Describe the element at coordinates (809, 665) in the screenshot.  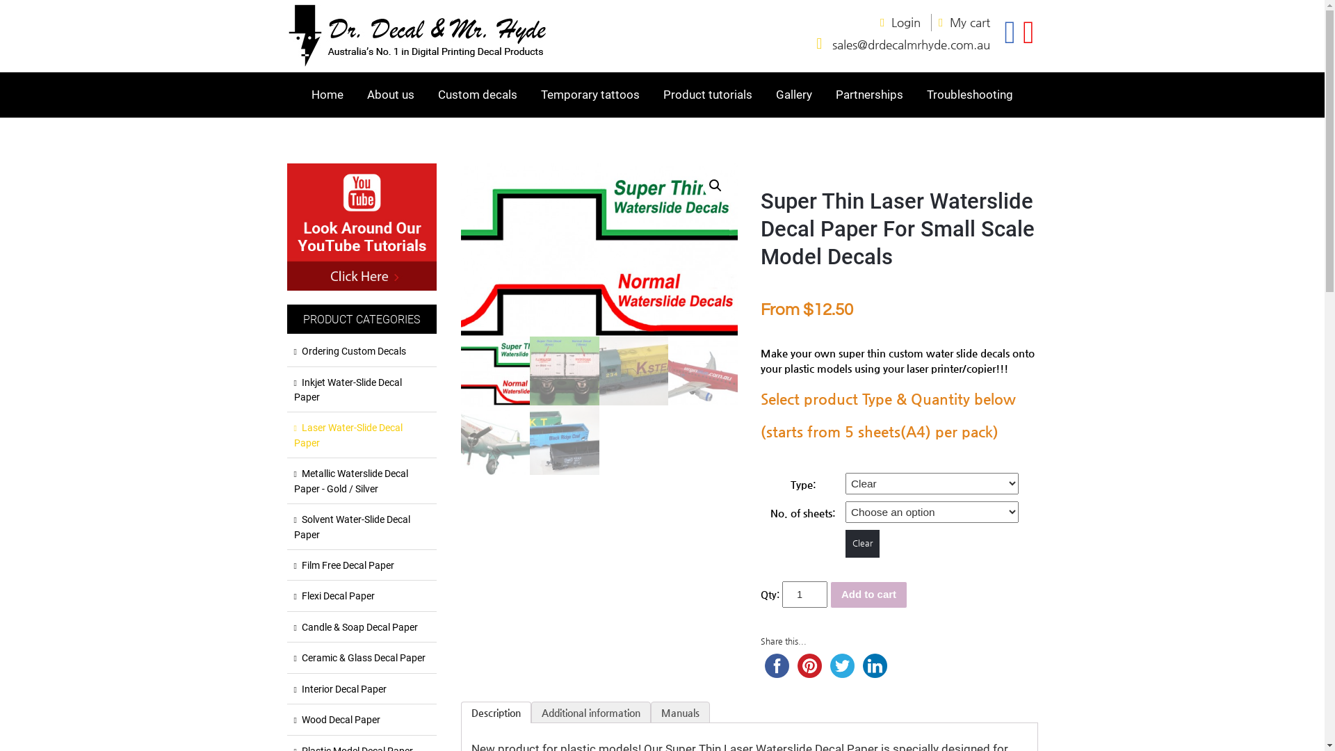
I see `'Pinterest'` at that location.